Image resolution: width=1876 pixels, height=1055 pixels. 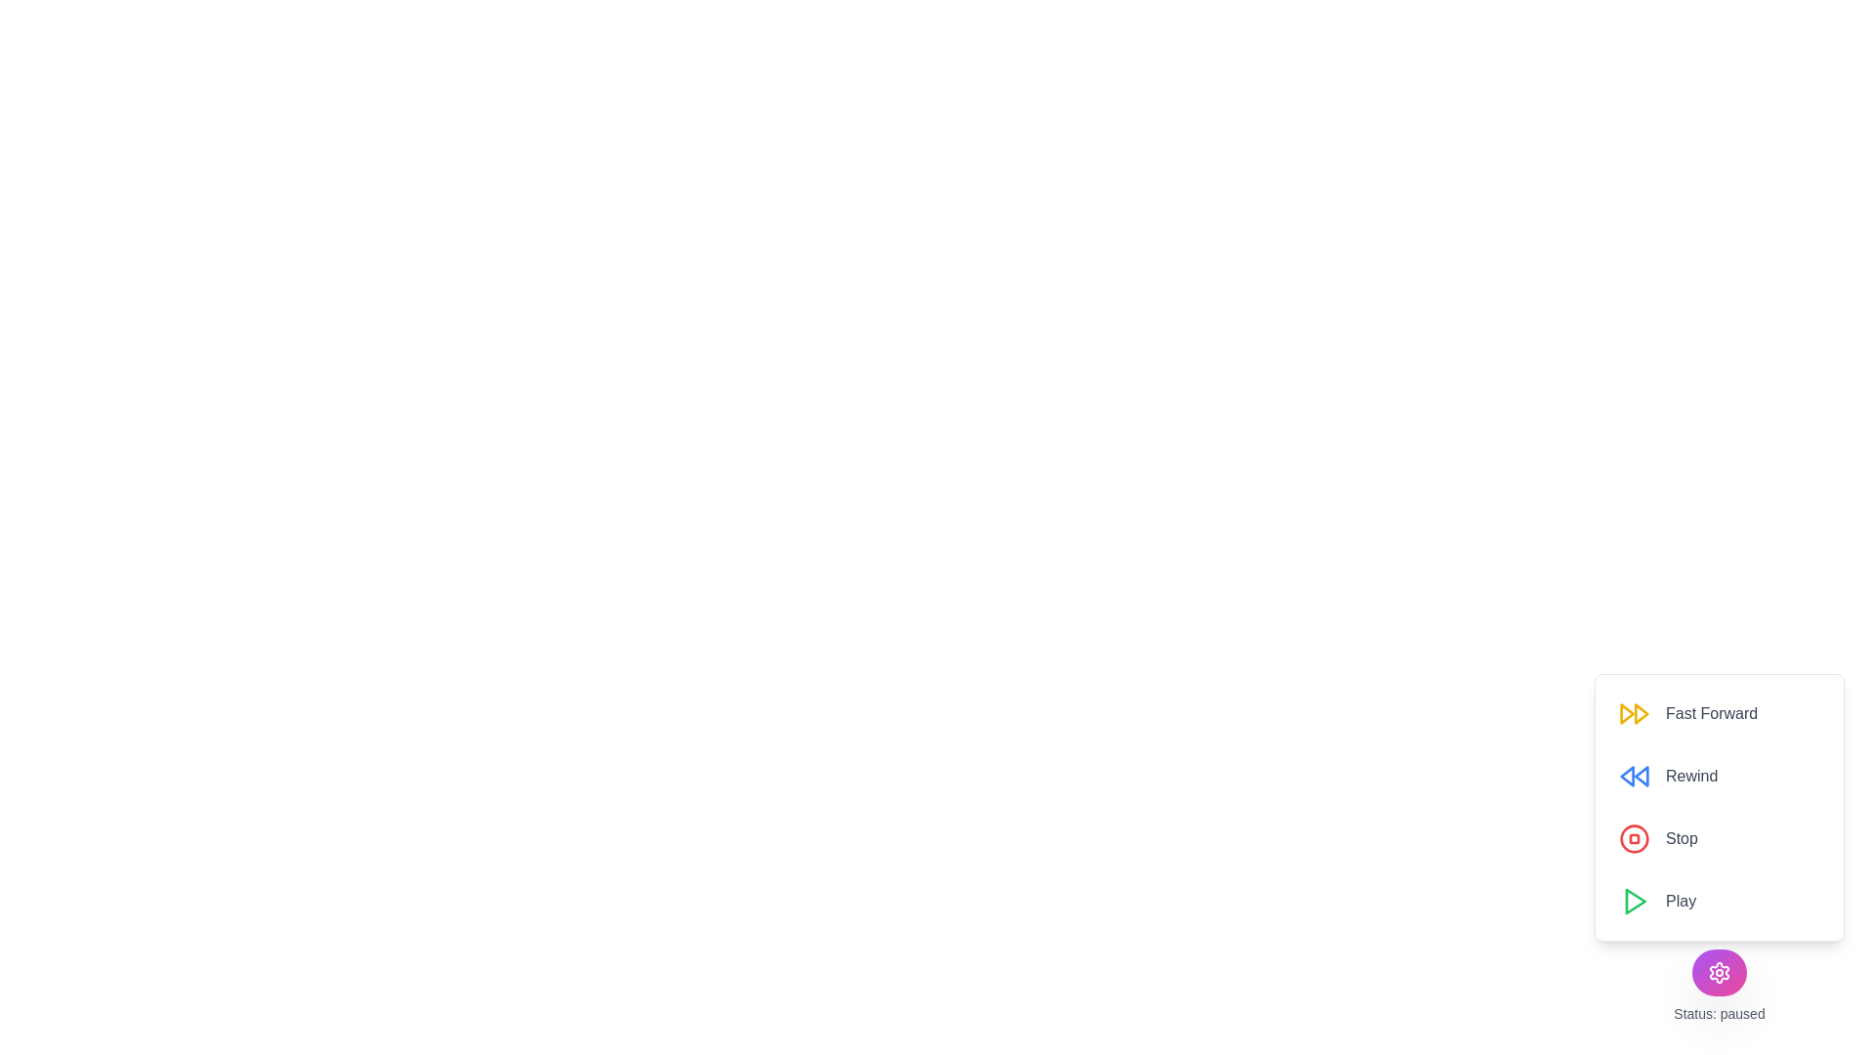 I want to click on the 'Stop' button to set the status to 'stopped', so click(x=1657, y=838).